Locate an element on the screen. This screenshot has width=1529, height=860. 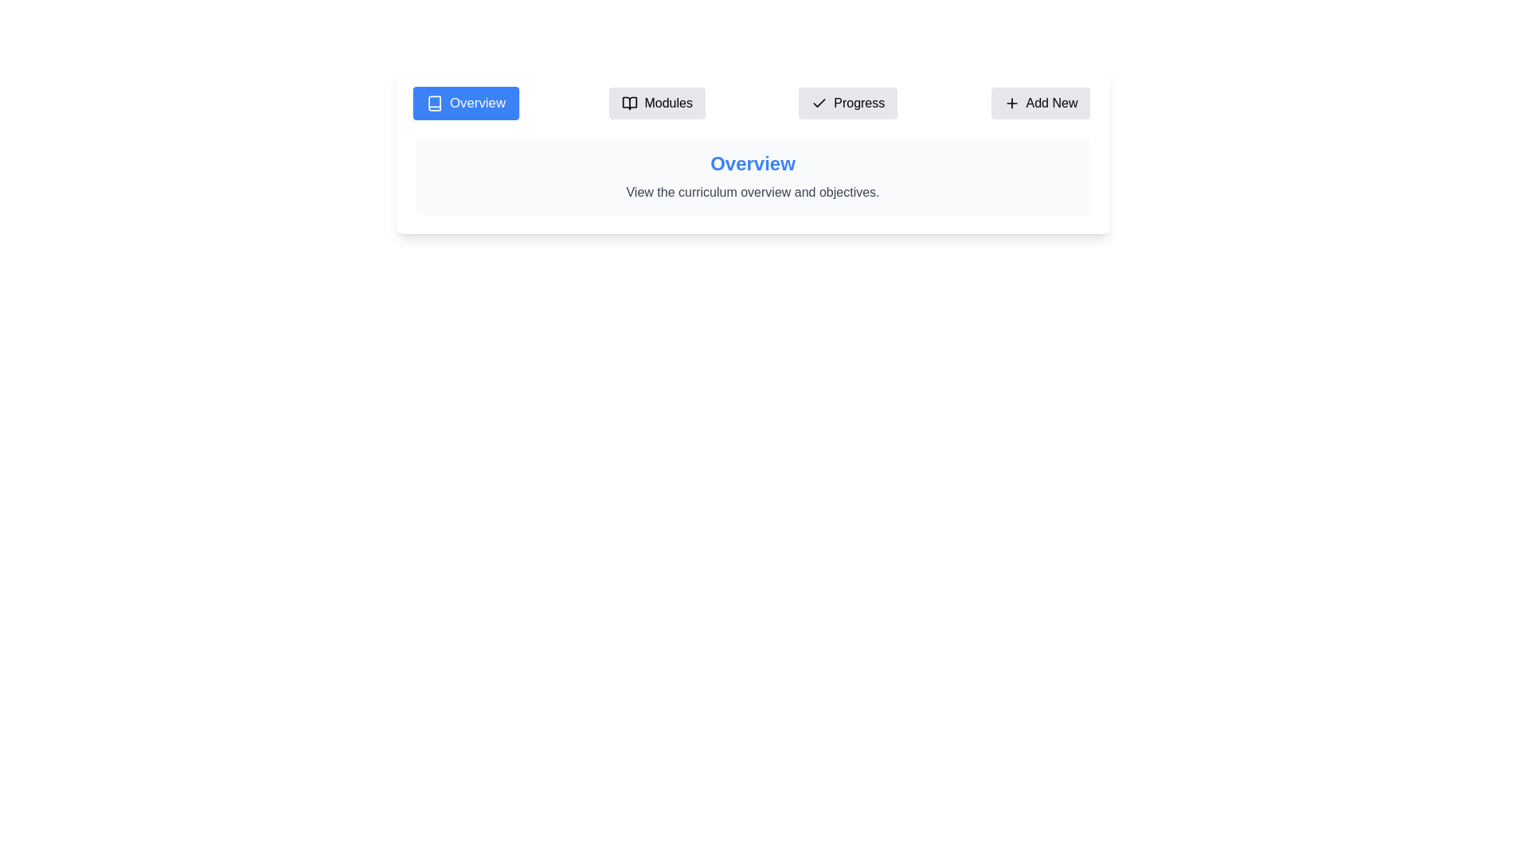
the tab labeled Add New to switch to that tab is located at coordinates (1040, 104).